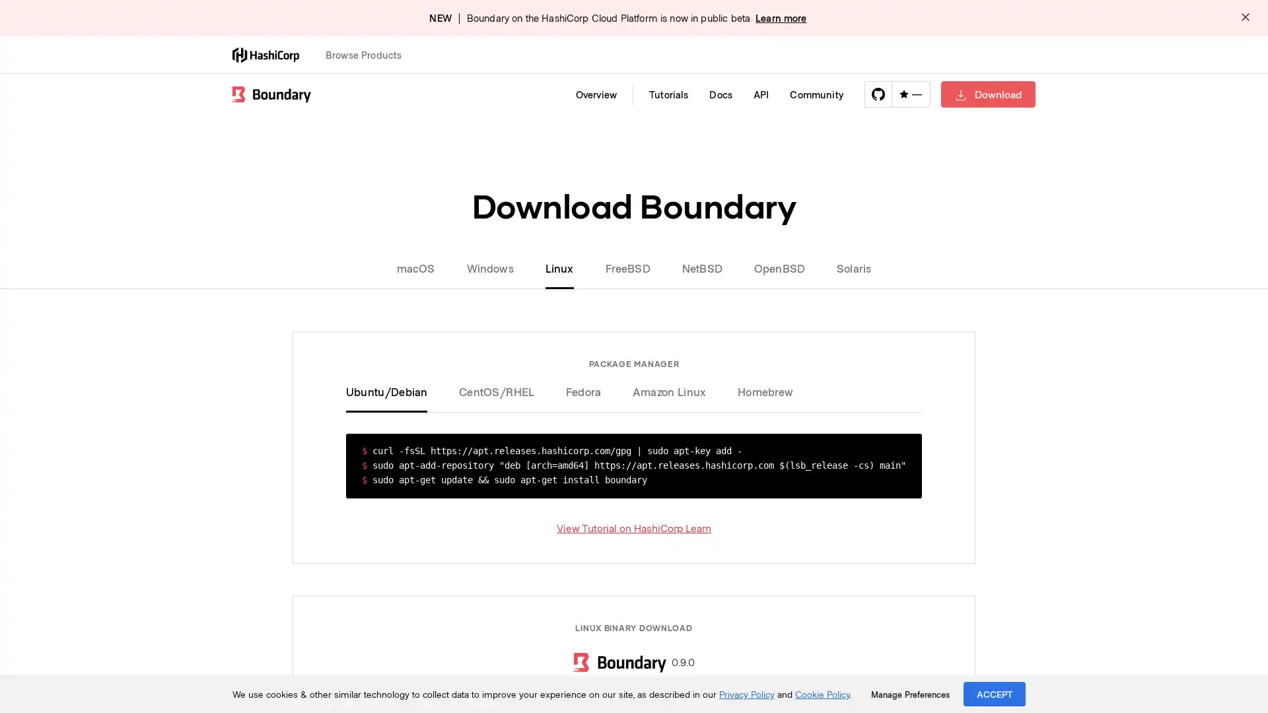 This screenshot has height=713, width=1268. What do you see at coordinates (496, 391) in the screenshot?
I see `CentOS/RHEL` at bounding box center [496, 391].